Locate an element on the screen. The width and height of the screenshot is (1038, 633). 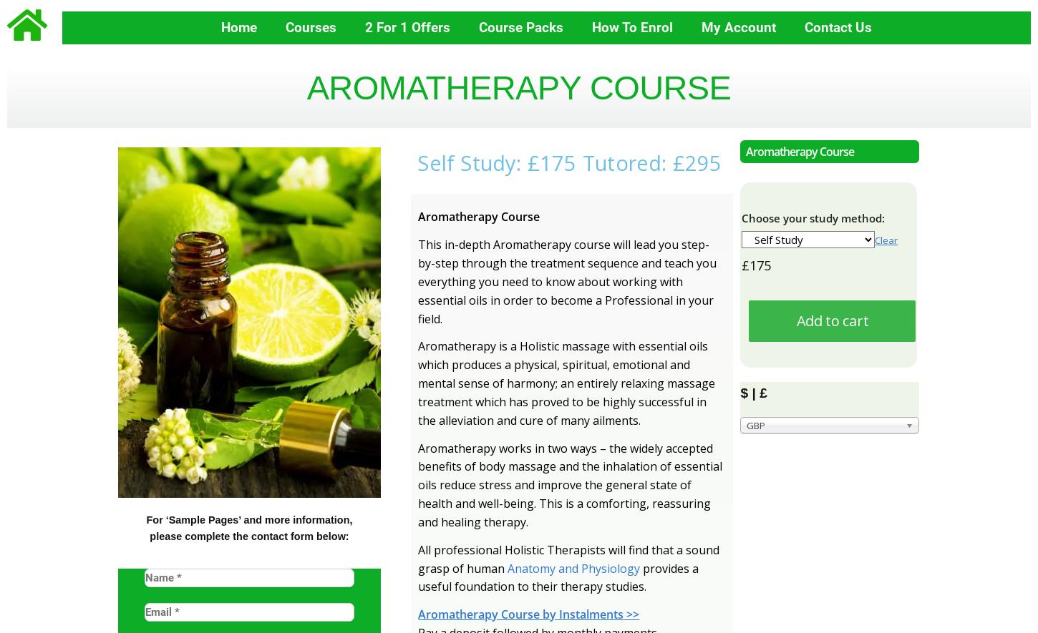
'Aromatherapy Course by Instalments >>' is located at coordinates (528, 613).